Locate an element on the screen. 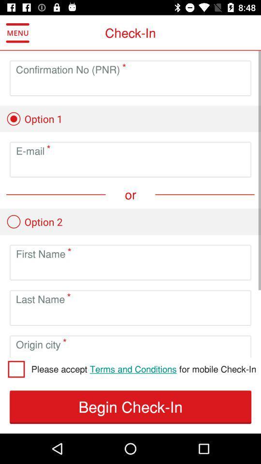 Image resolution: width=261 pixels, height=464 pixels. first radio button and text is located at coordinates (34, 118).